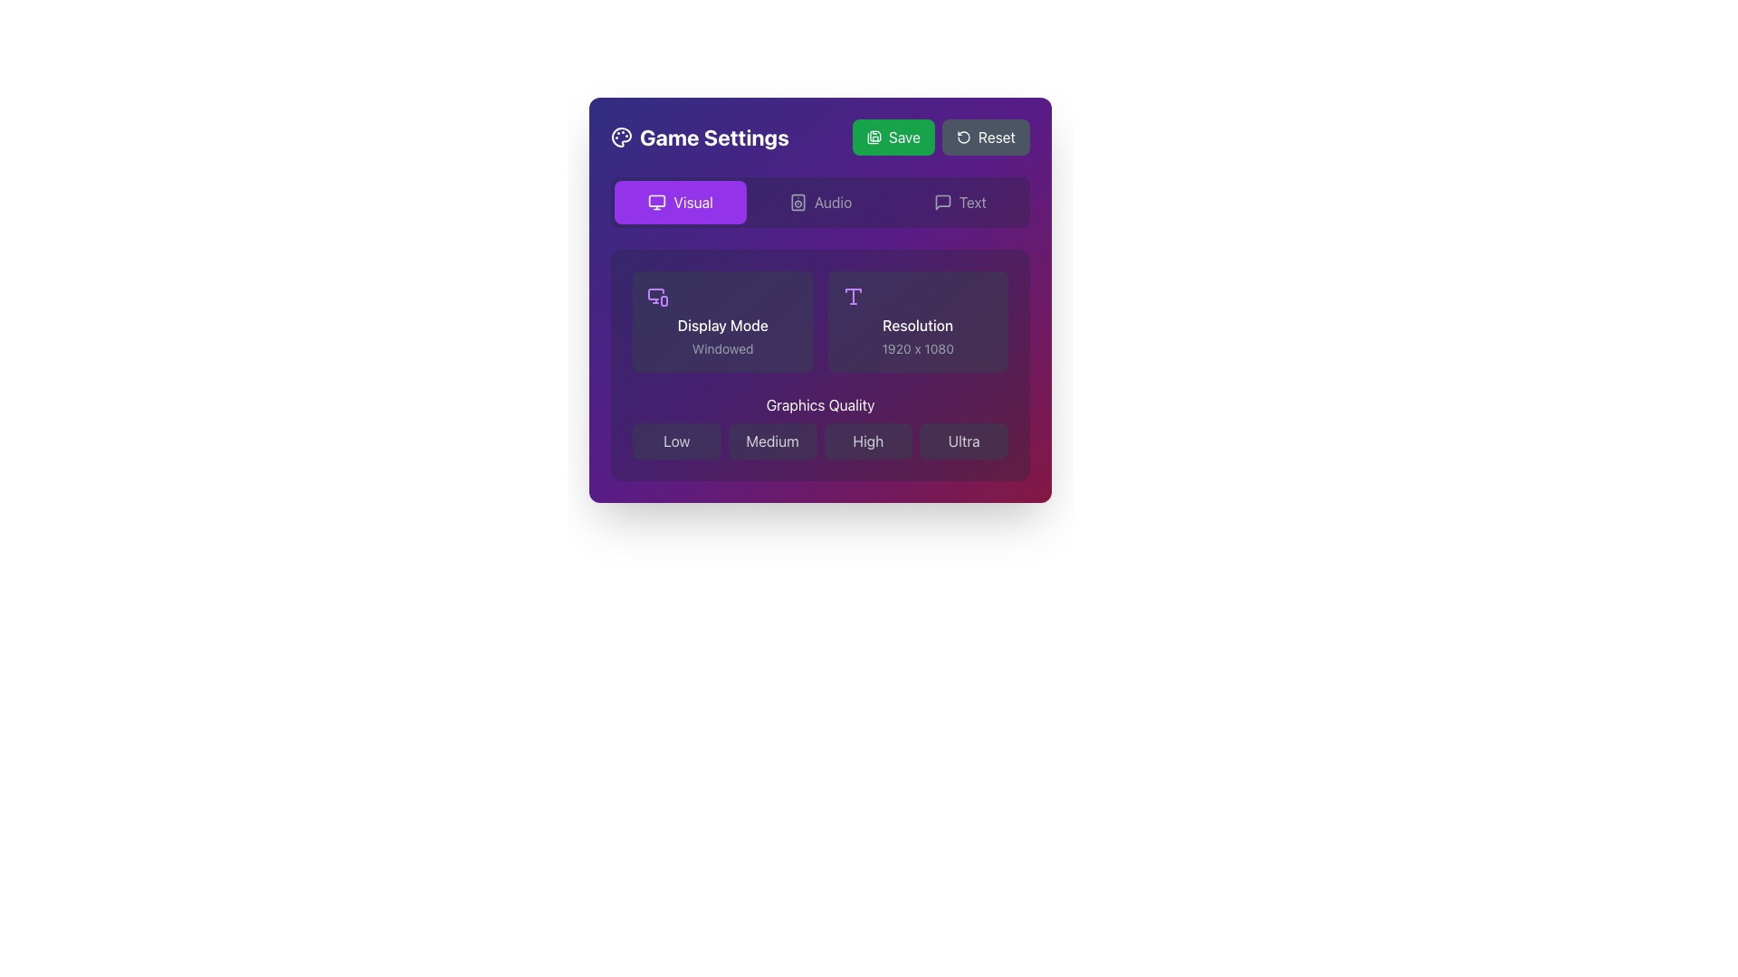 The height and width of the screenshot is (977, 1738). Describe the element at coordinates (867, 441) in the screenshot. I see `the 'High' button in the 'Game Settings' interface` at that location.